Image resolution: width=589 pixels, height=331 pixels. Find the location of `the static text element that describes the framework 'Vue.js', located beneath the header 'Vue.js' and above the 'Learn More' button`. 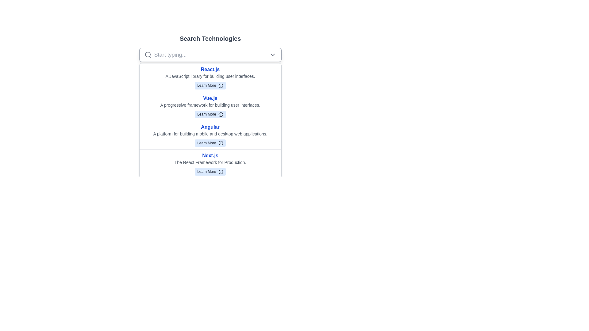

the static text element that describes the framework 'Vue.js', located beneath the header 'Vue.js' and above the 'Learn More' button is located at coordinates (210, 105).